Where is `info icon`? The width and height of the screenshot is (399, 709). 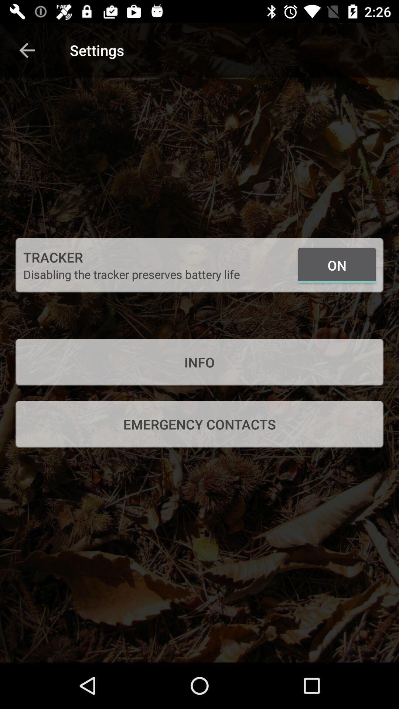 info icon is located at coordinates (199, 362).